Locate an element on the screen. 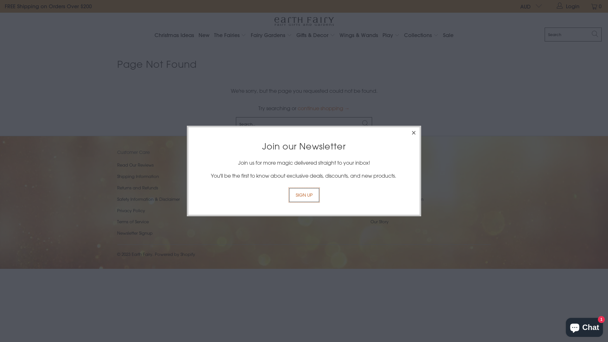 The width and height of the screenshot is (608, 342). 'SIGN UP' is located at coordinates (303, 195).